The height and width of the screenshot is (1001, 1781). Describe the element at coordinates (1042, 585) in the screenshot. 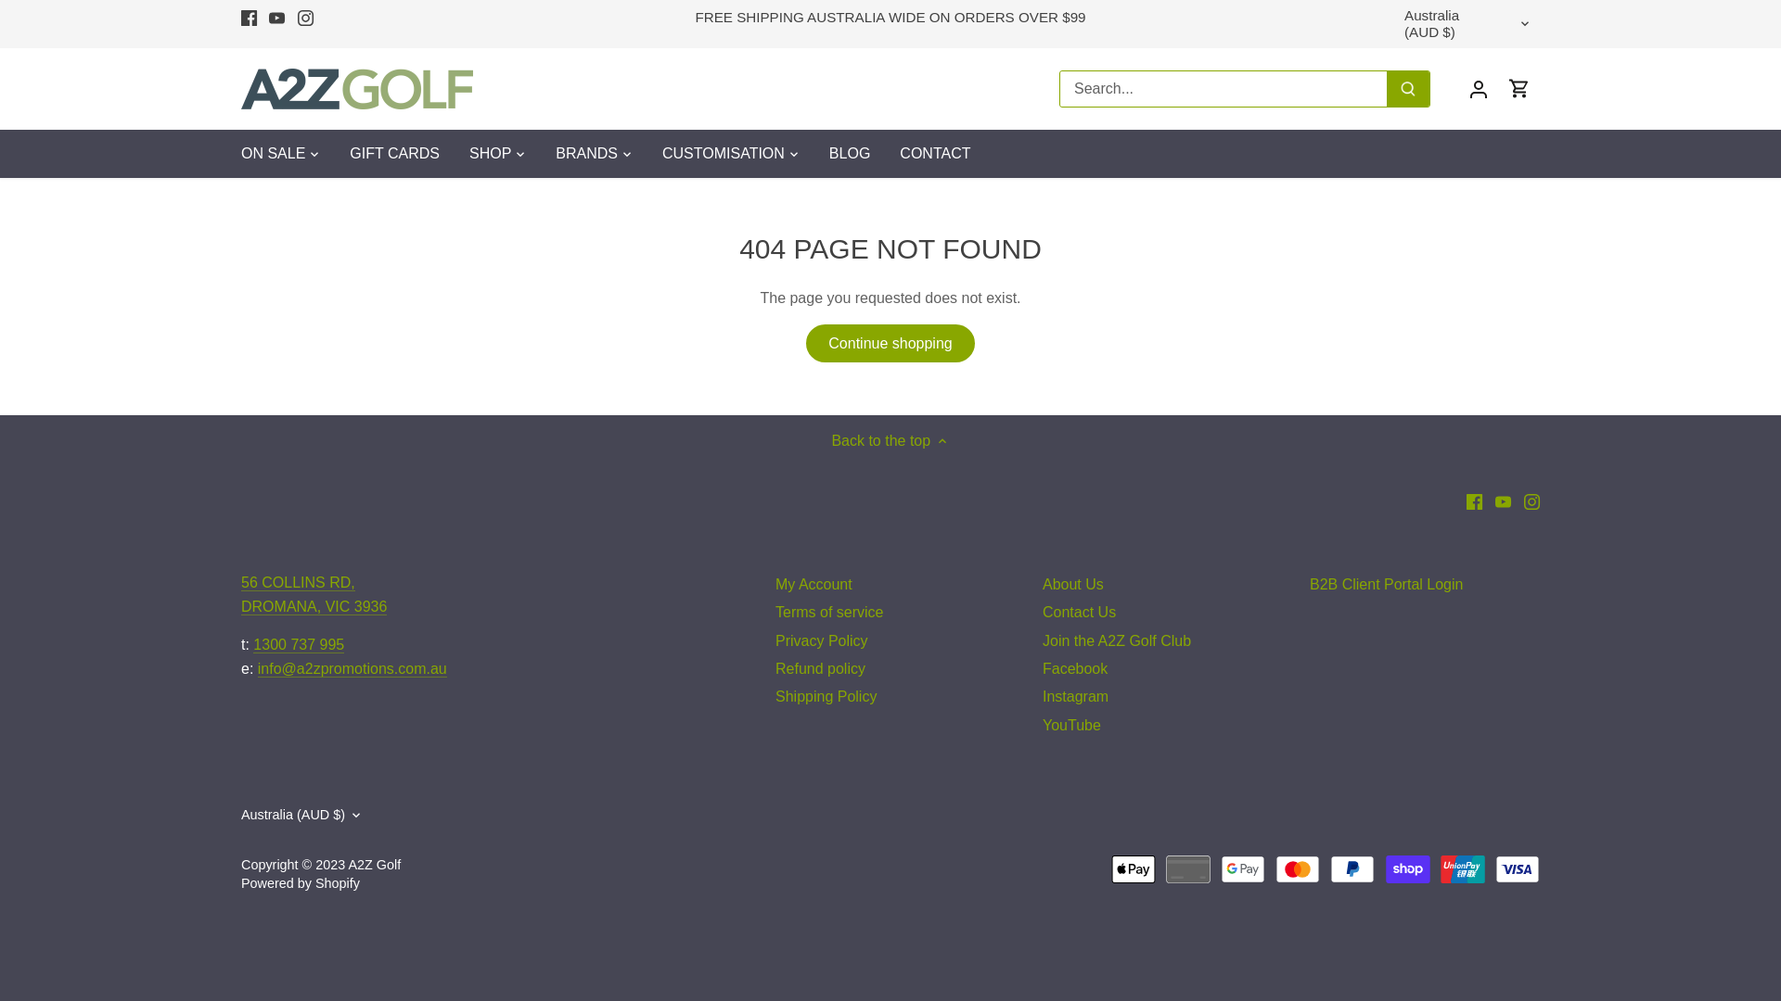

I see `'About Us'` at that location.